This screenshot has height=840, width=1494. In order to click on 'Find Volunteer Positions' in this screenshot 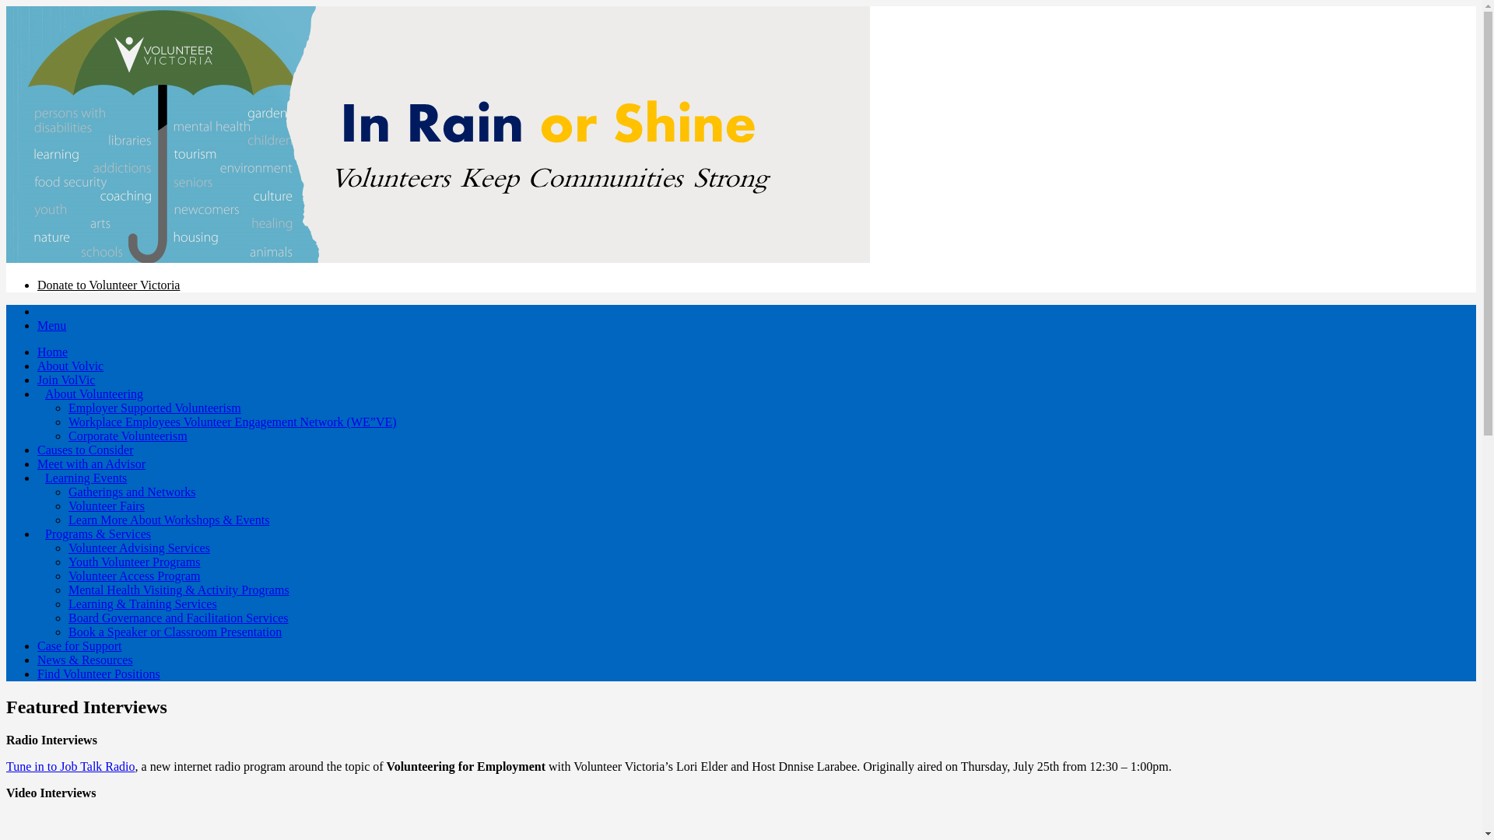, I will do `click(97, 673)`.